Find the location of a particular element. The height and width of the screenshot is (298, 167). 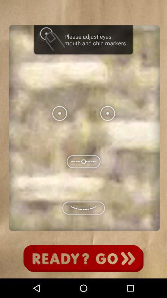

ready to go is located at coordinates (83, 259).